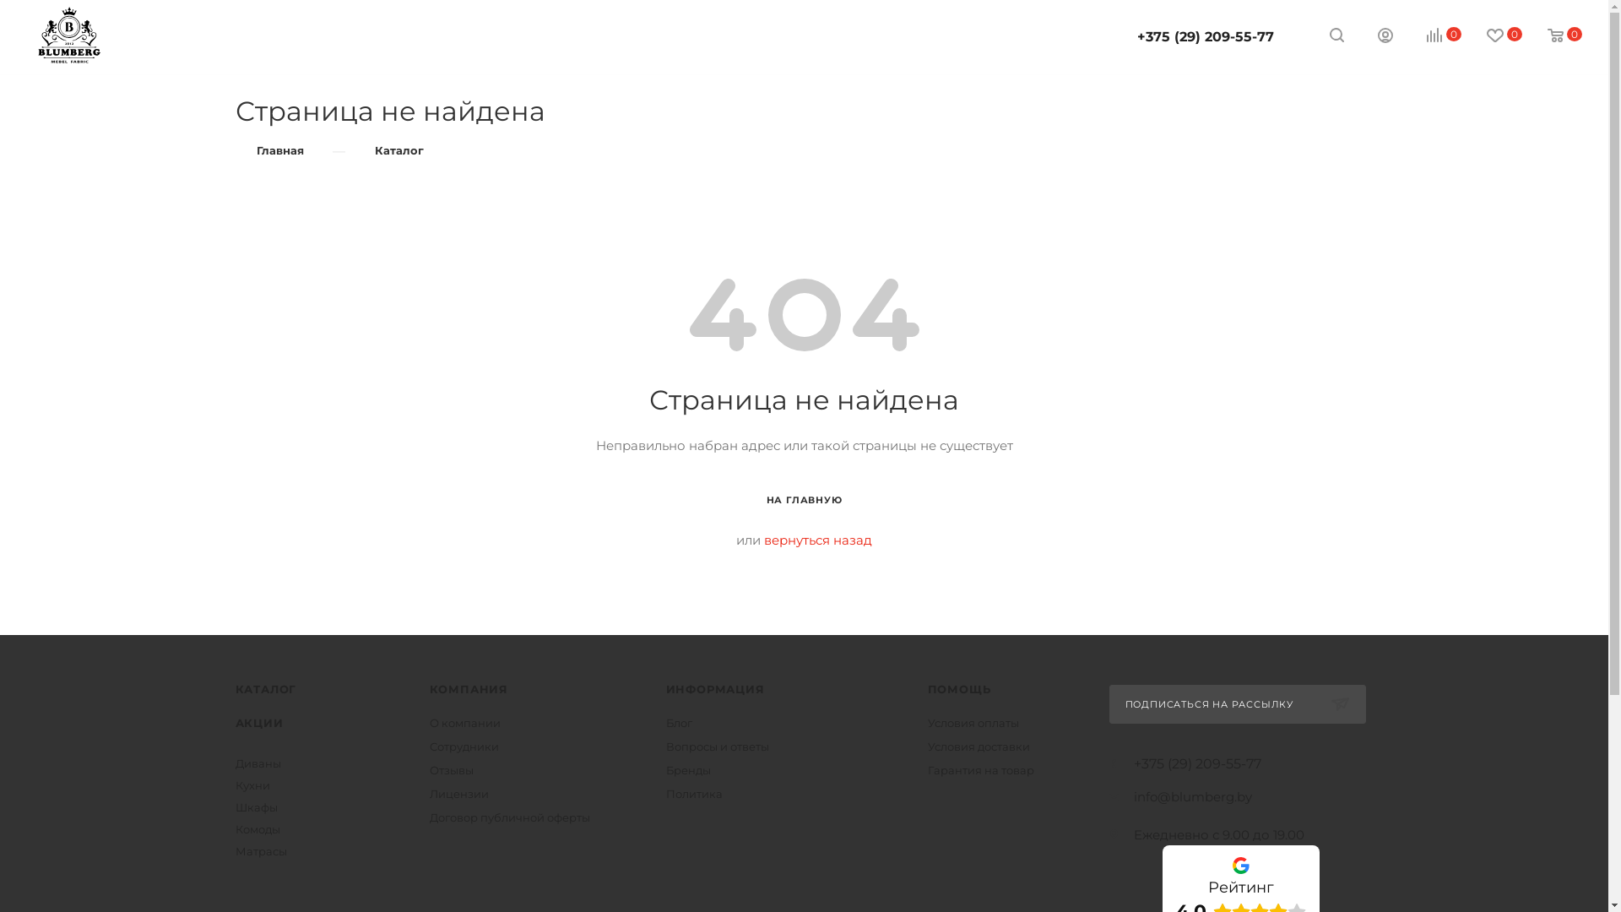  I want to click on '0', so click(1553, 35).